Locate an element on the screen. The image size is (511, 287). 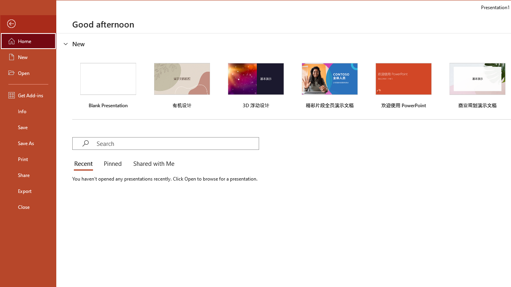
'Export' is located at coordinates (28, 191).